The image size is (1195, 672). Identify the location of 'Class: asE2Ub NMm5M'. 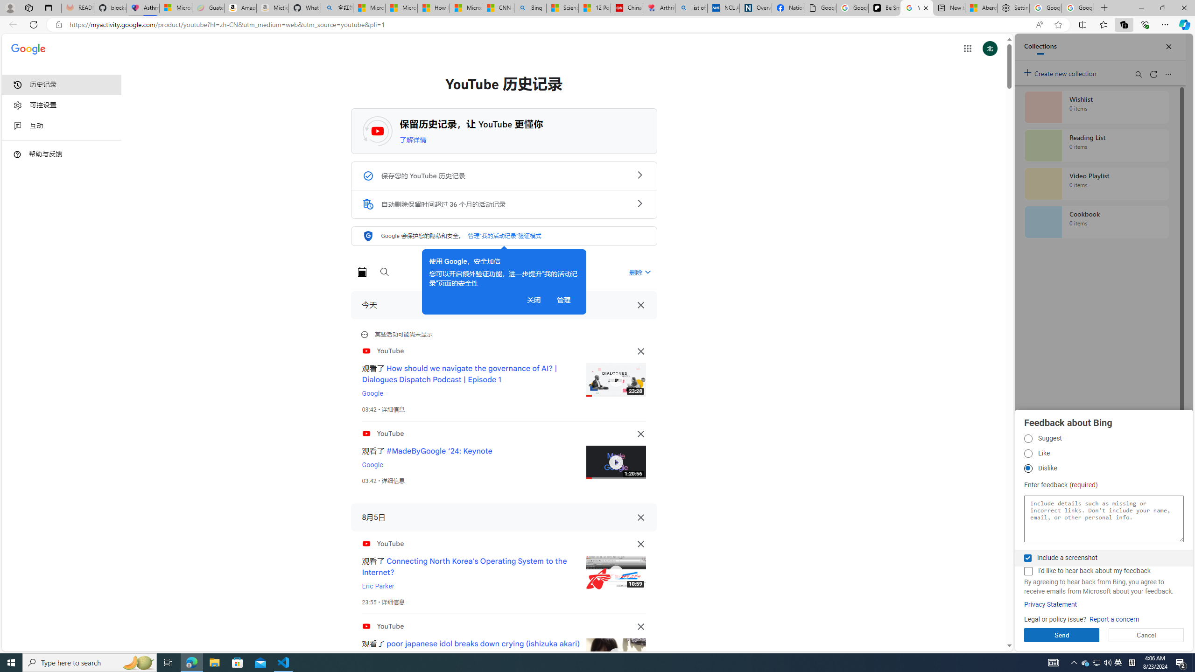
(647, 272).